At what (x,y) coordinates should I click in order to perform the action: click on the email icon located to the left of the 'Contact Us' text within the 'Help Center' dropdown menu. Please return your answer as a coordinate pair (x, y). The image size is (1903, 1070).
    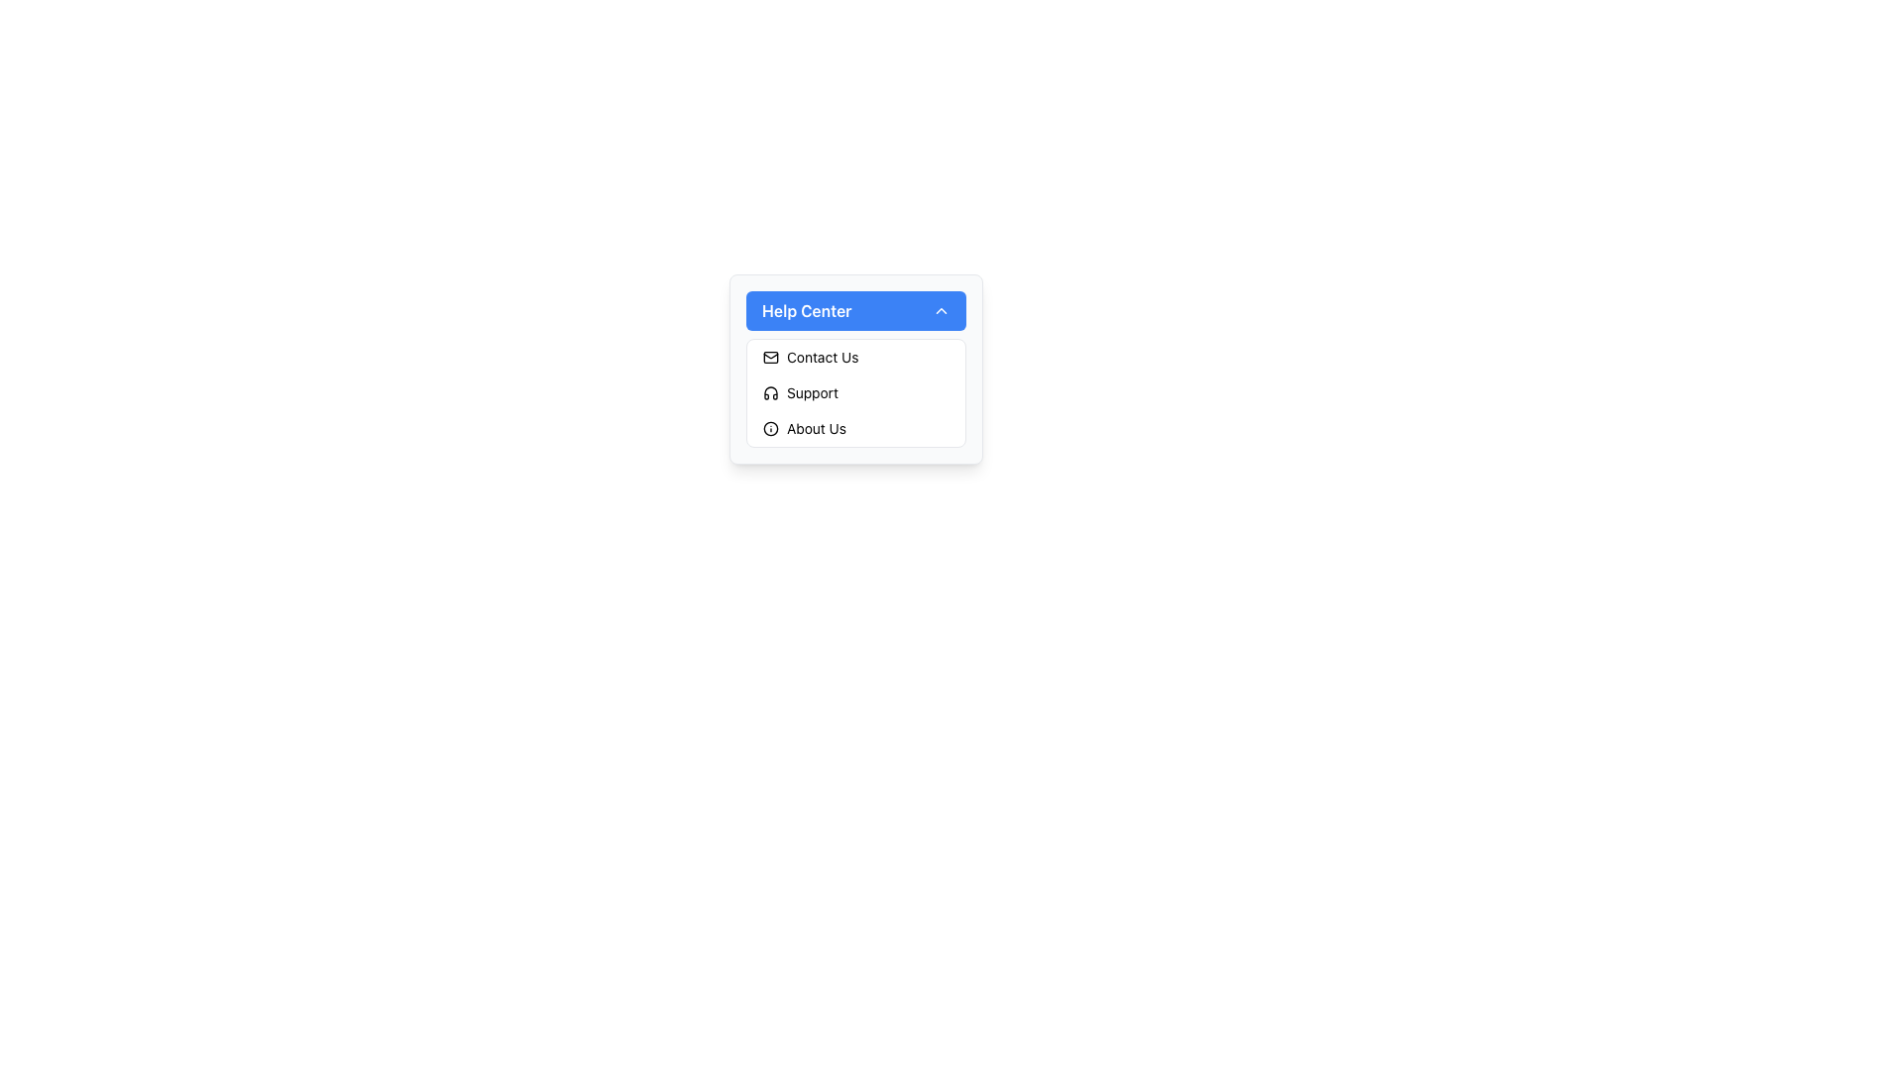
    Looking at the image, I should click on (769, 358).